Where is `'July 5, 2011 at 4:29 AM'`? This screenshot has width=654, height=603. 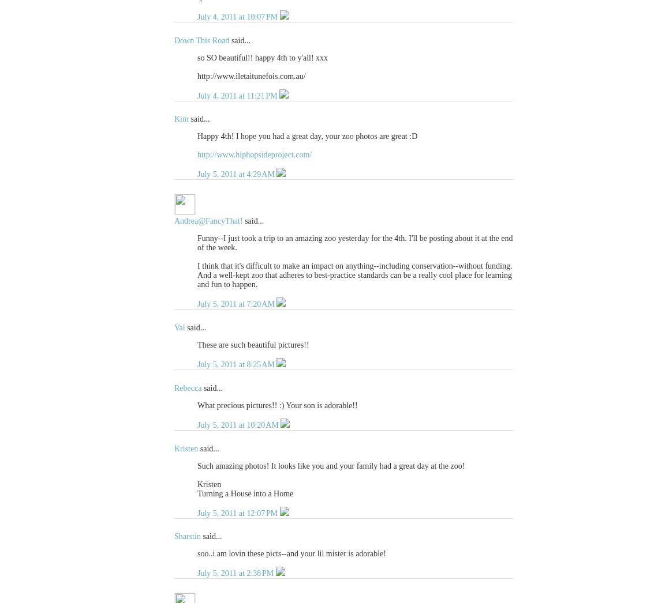
'July 5, 2011 at 4:29 AM' is located at coordinates (237, 174).